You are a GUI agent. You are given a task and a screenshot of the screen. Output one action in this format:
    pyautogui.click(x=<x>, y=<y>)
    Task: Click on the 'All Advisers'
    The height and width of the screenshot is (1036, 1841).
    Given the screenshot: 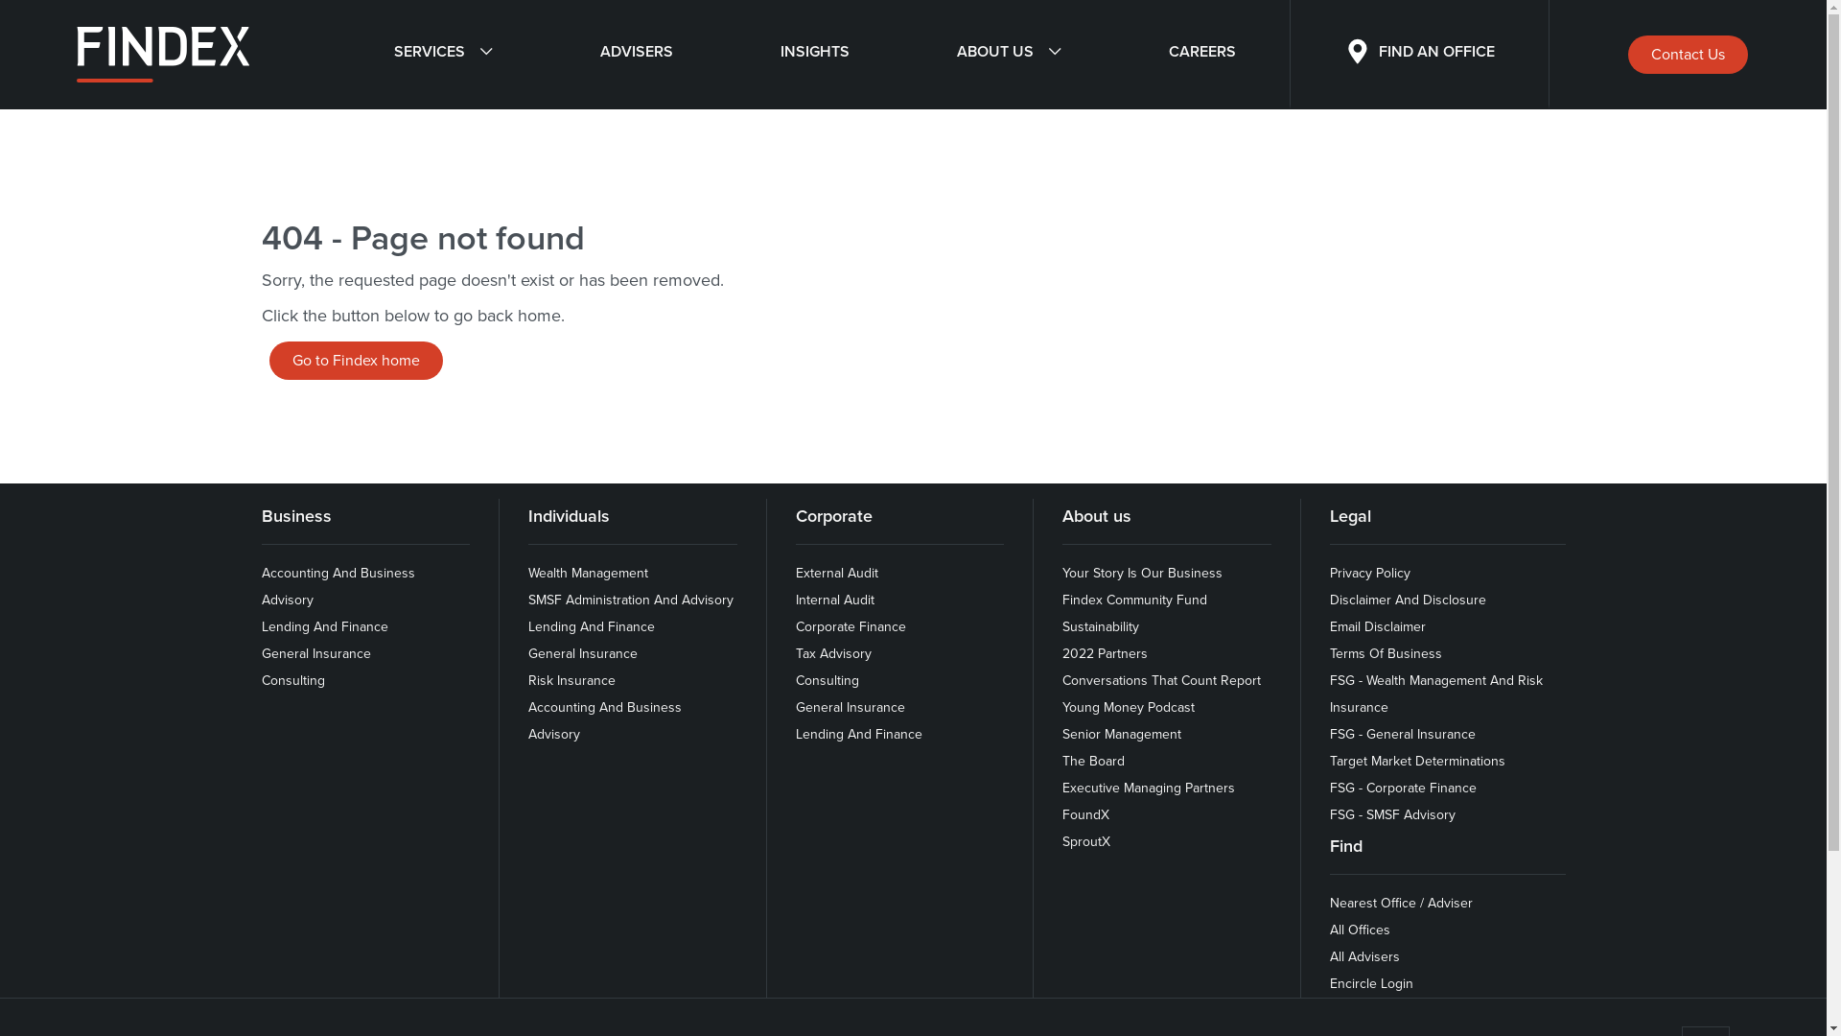 What is the action you would take?
    pyautogui.click(x=1363, y=956)
    